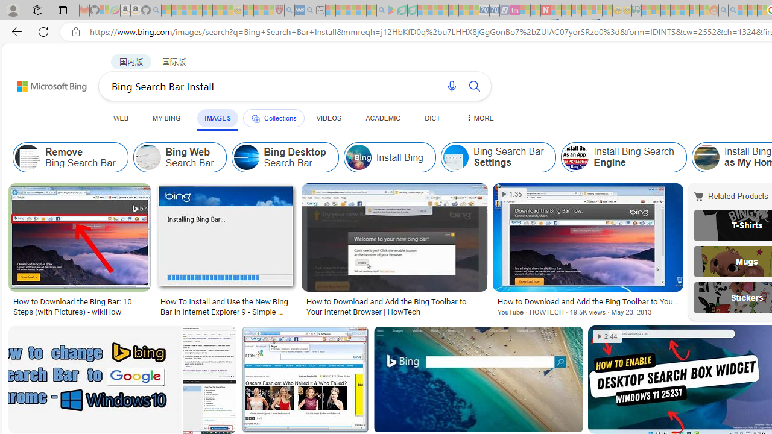 The width and height of the screenshot is (772, 434). What do you see at coordinates (186, 10) in the screenshot?
I see `'The Weather Channel - MSN - Sleeping'` at bounding box center [186, 10].